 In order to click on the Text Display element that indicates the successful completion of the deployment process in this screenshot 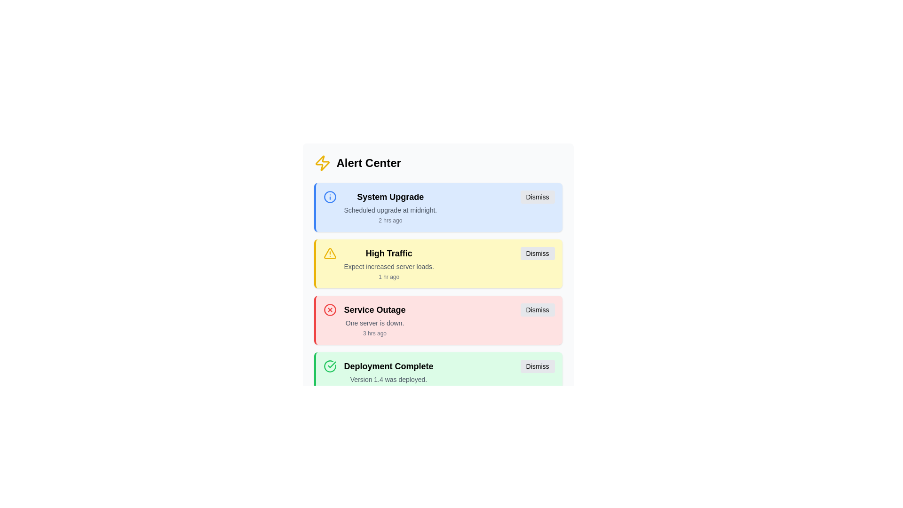, I will do `click(388, 366)`.